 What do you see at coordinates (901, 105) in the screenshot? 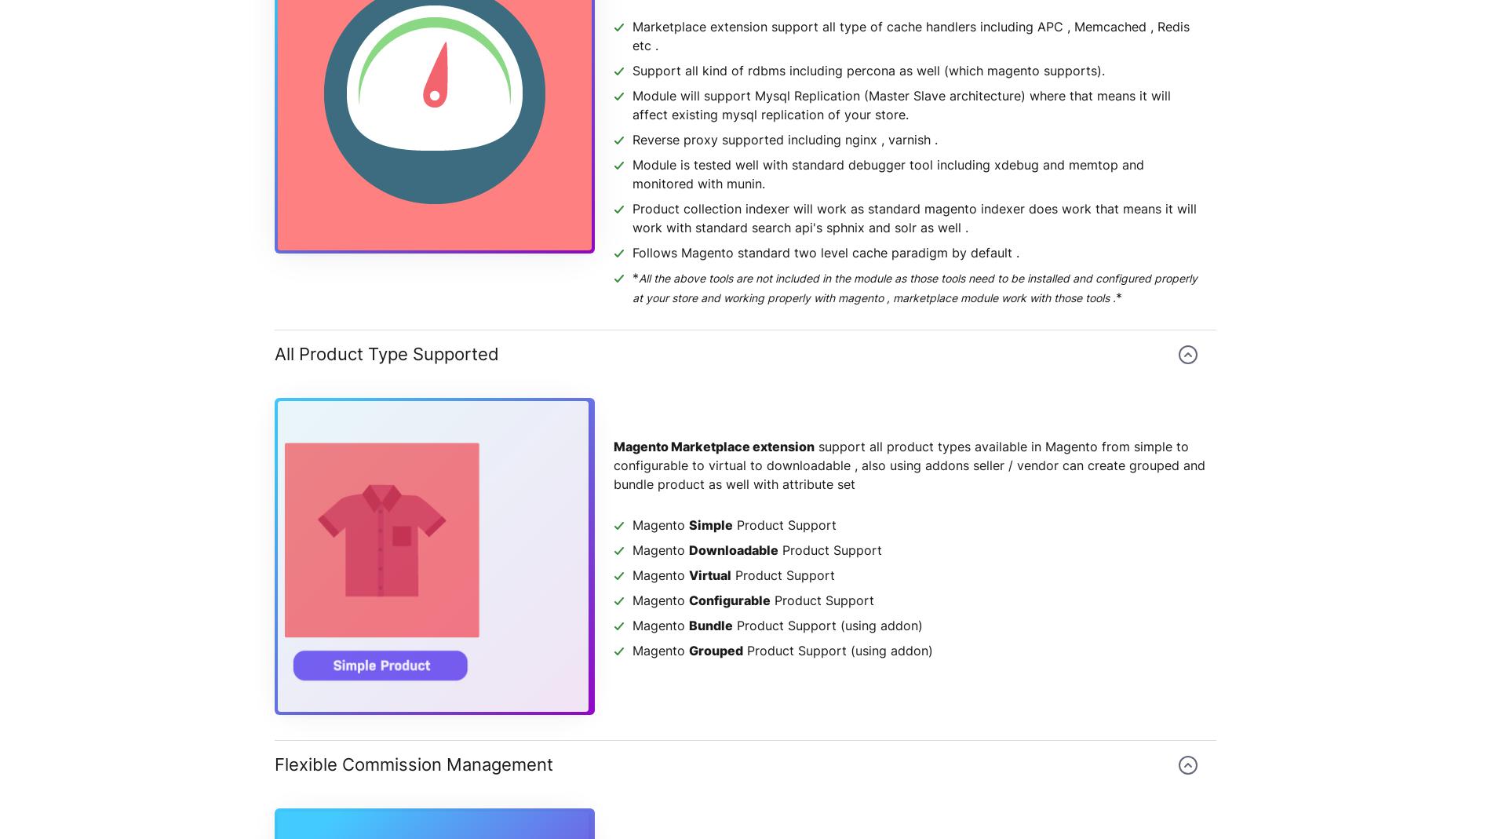
I see `'Module will support Mysql Replication (Master Slave architecture) where that means it will affect existing mysql replication of your store.'` at bounding box center [901, 105].